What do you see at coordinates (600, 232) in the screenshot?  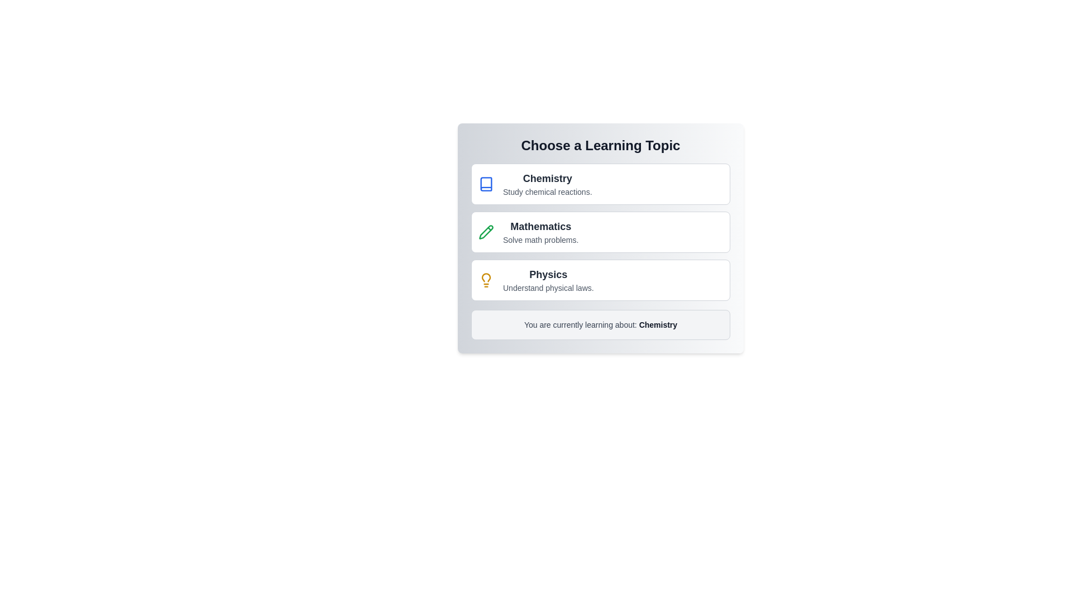 I see `the 'Mathematics' button, which is the second option in a list of three vertically arranged topic cards` at bounding box center [600, 232].